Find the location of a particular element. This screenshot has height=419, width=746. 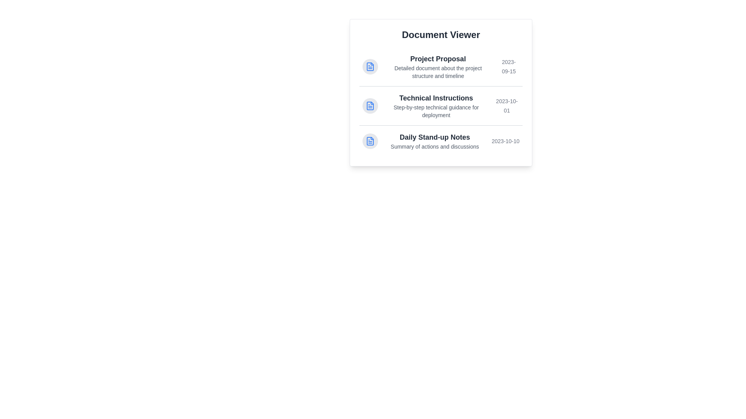

the document titled Daily Stand-up Notes is located at coordinates (441, 141).